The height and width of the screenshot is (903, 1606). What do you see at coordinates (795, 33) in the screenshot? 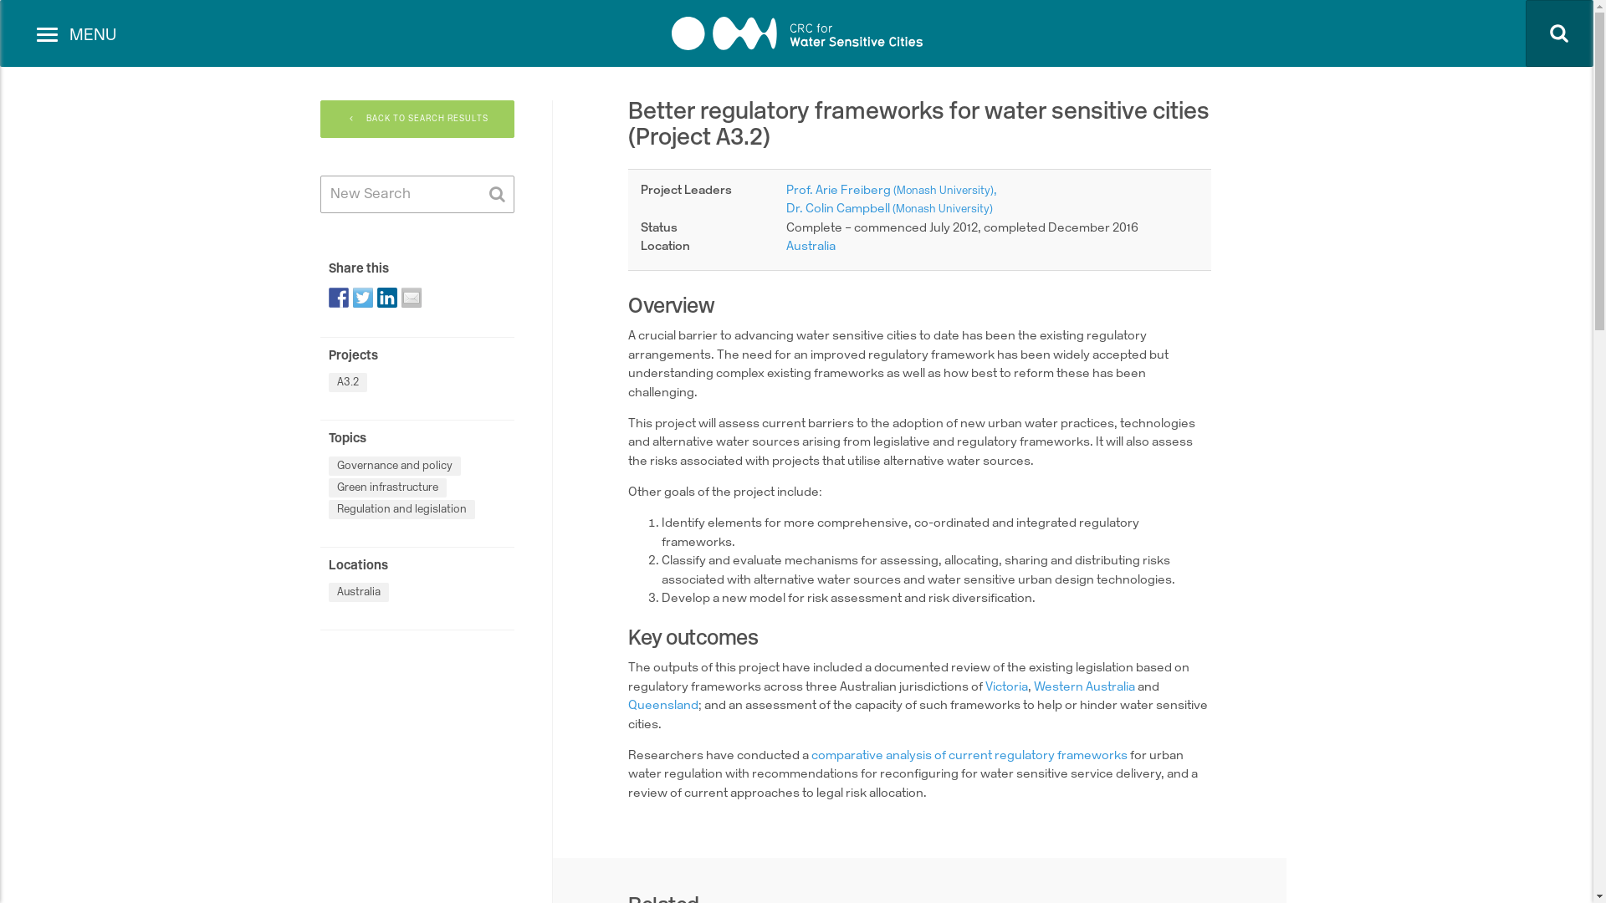
I see `'CRC for Water sensitive cities'` at bounding box center [795, 33].